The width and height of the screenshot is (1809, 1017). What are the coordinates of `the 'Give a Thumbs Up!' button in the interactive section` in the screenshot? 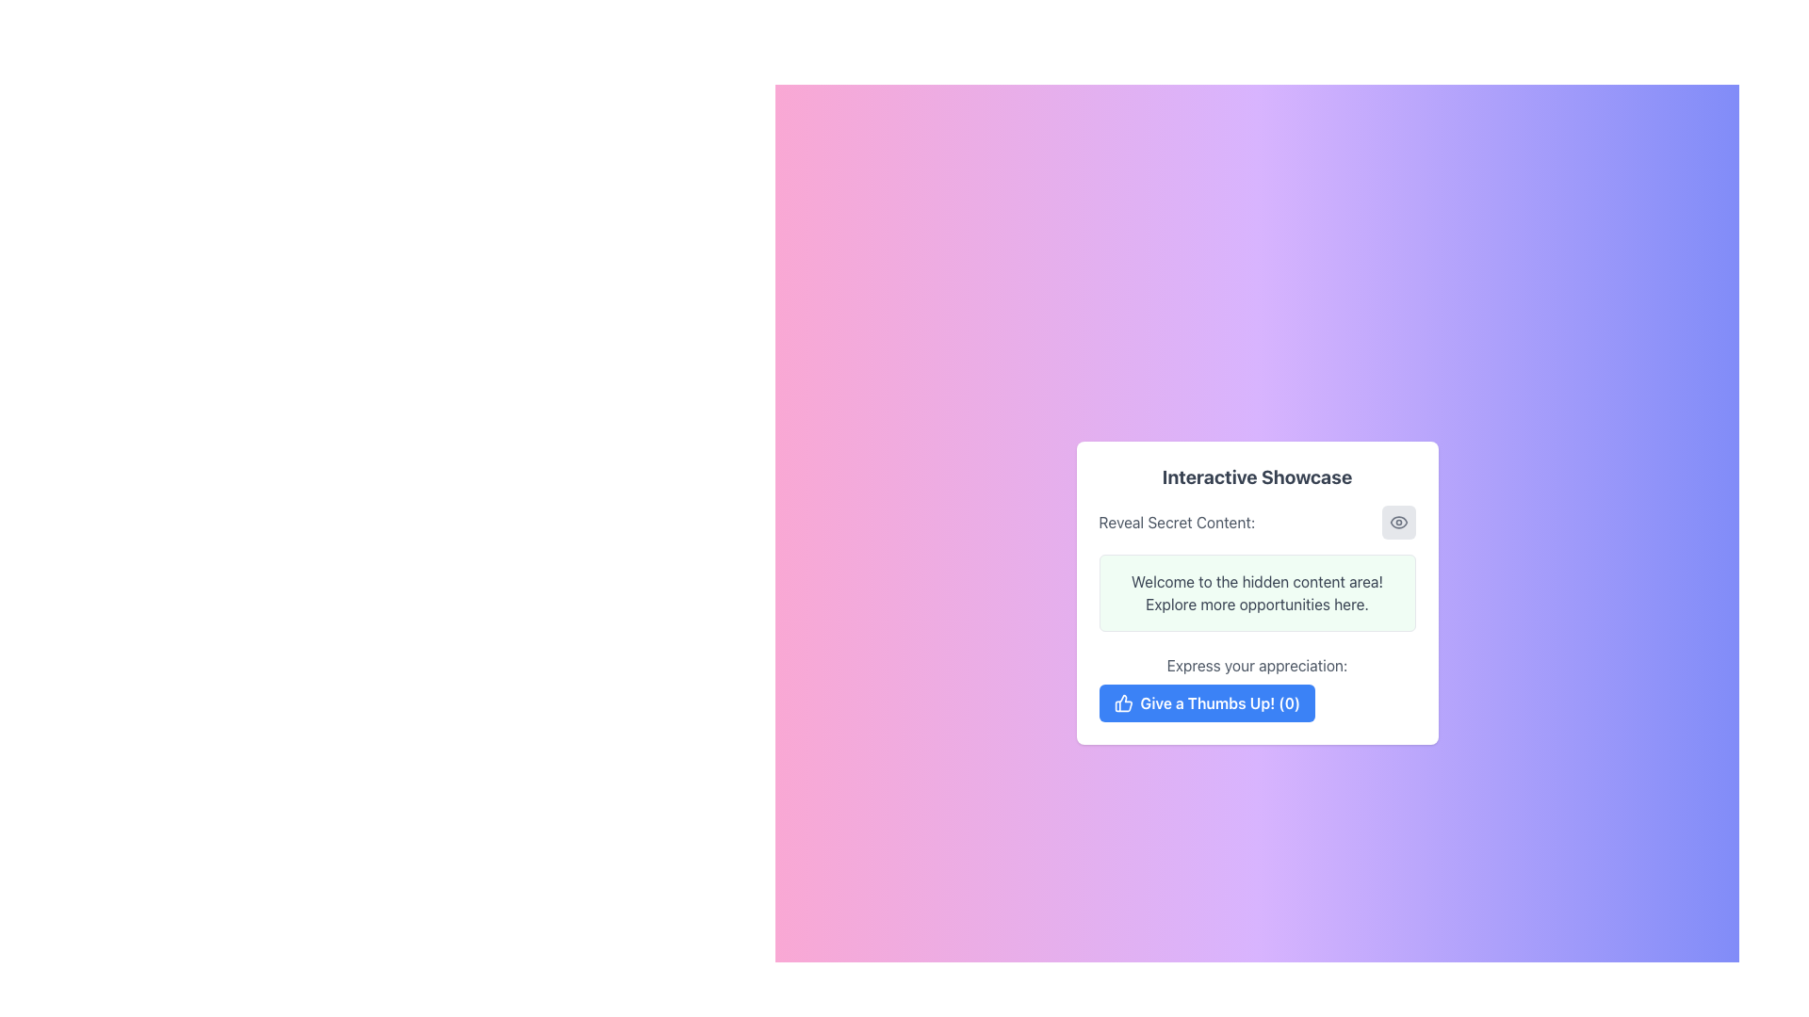 It's located at (1257, 688).